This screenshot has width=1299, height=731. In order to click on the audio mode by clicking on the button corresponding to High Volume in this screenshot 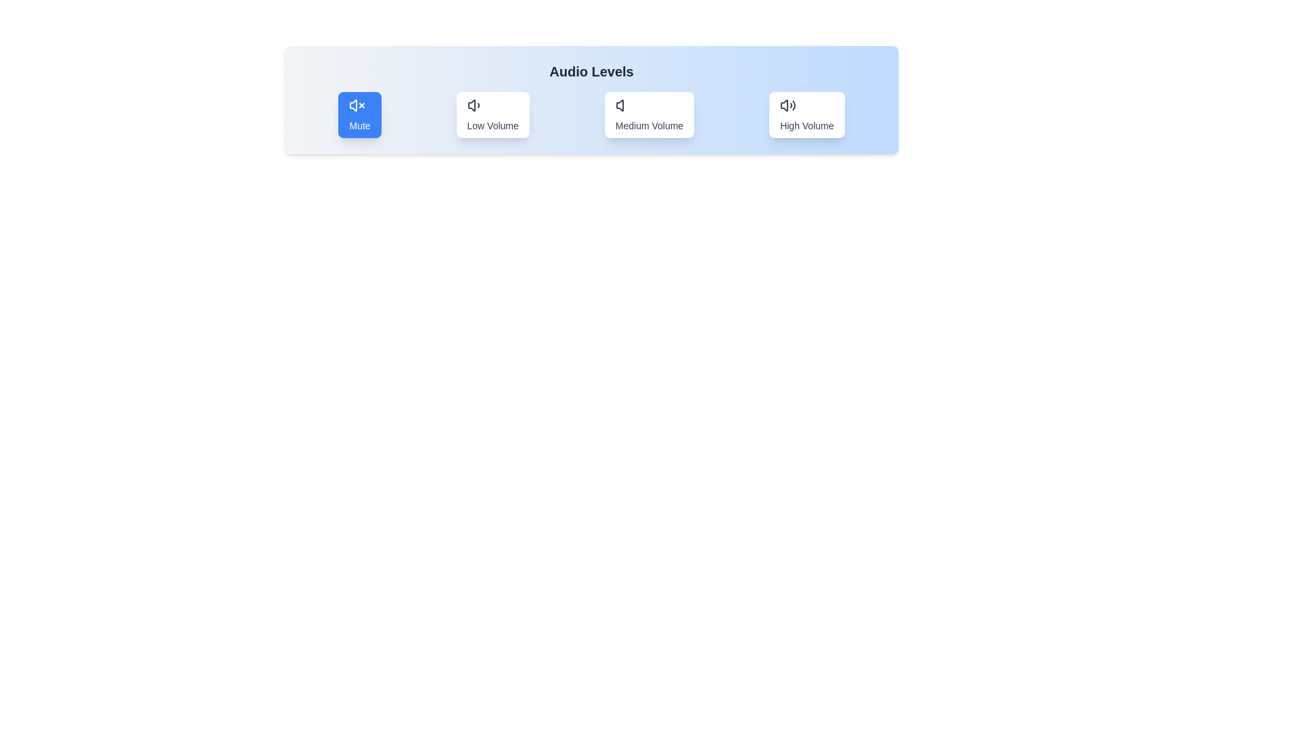, I will do `click(807, 114)`.